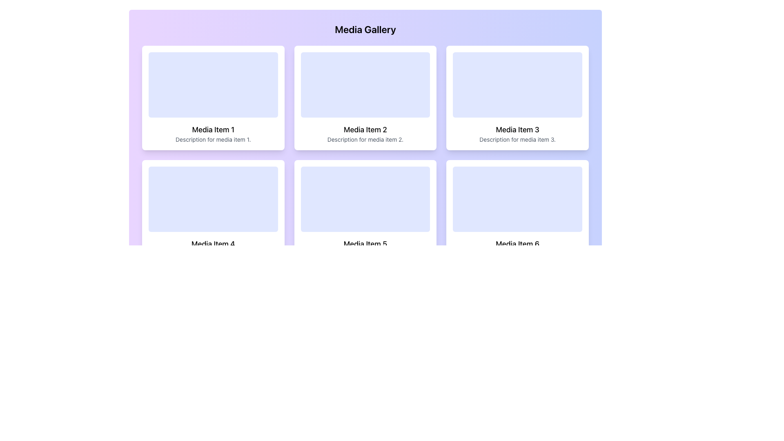 The image size is (784, 441). Describe the element at coordinates (517, 212) in the screenshot. I see `the rectangular card labeled 'Media Item 6' with a placeholder image and description in the bottom-right corner of the grid layout` at that location.